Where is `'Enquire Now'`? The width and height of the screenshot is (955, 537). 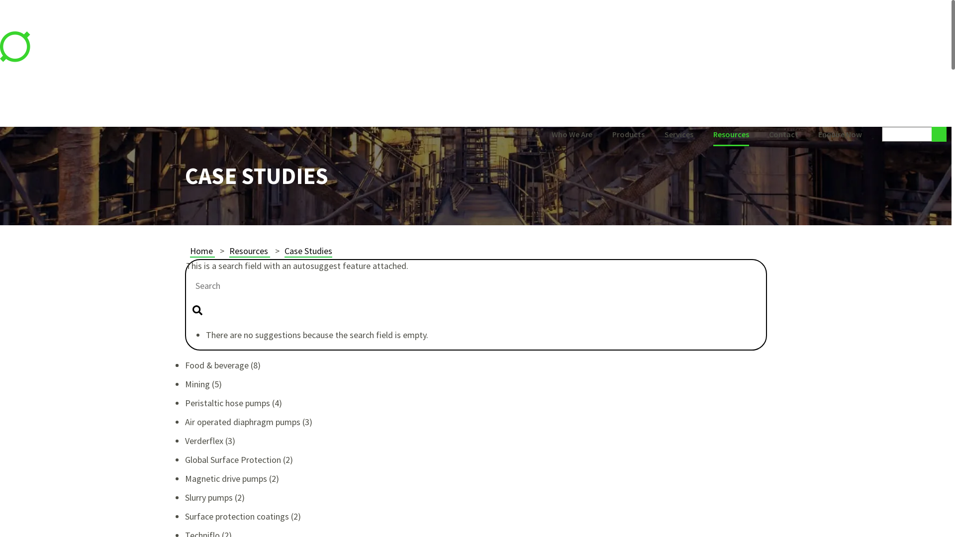
'Enquire Now' is located at coordinates (840, 135).